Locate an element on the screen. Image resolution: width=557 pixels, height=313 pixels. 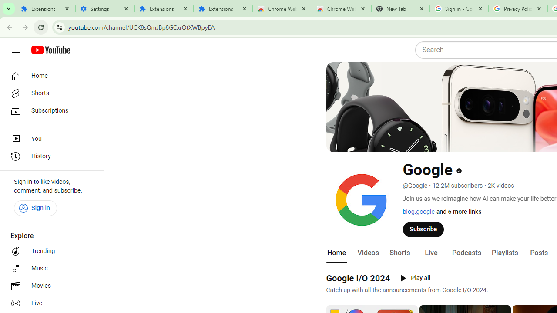
'Google I/O 2024' is located at coordinates (358, 278).